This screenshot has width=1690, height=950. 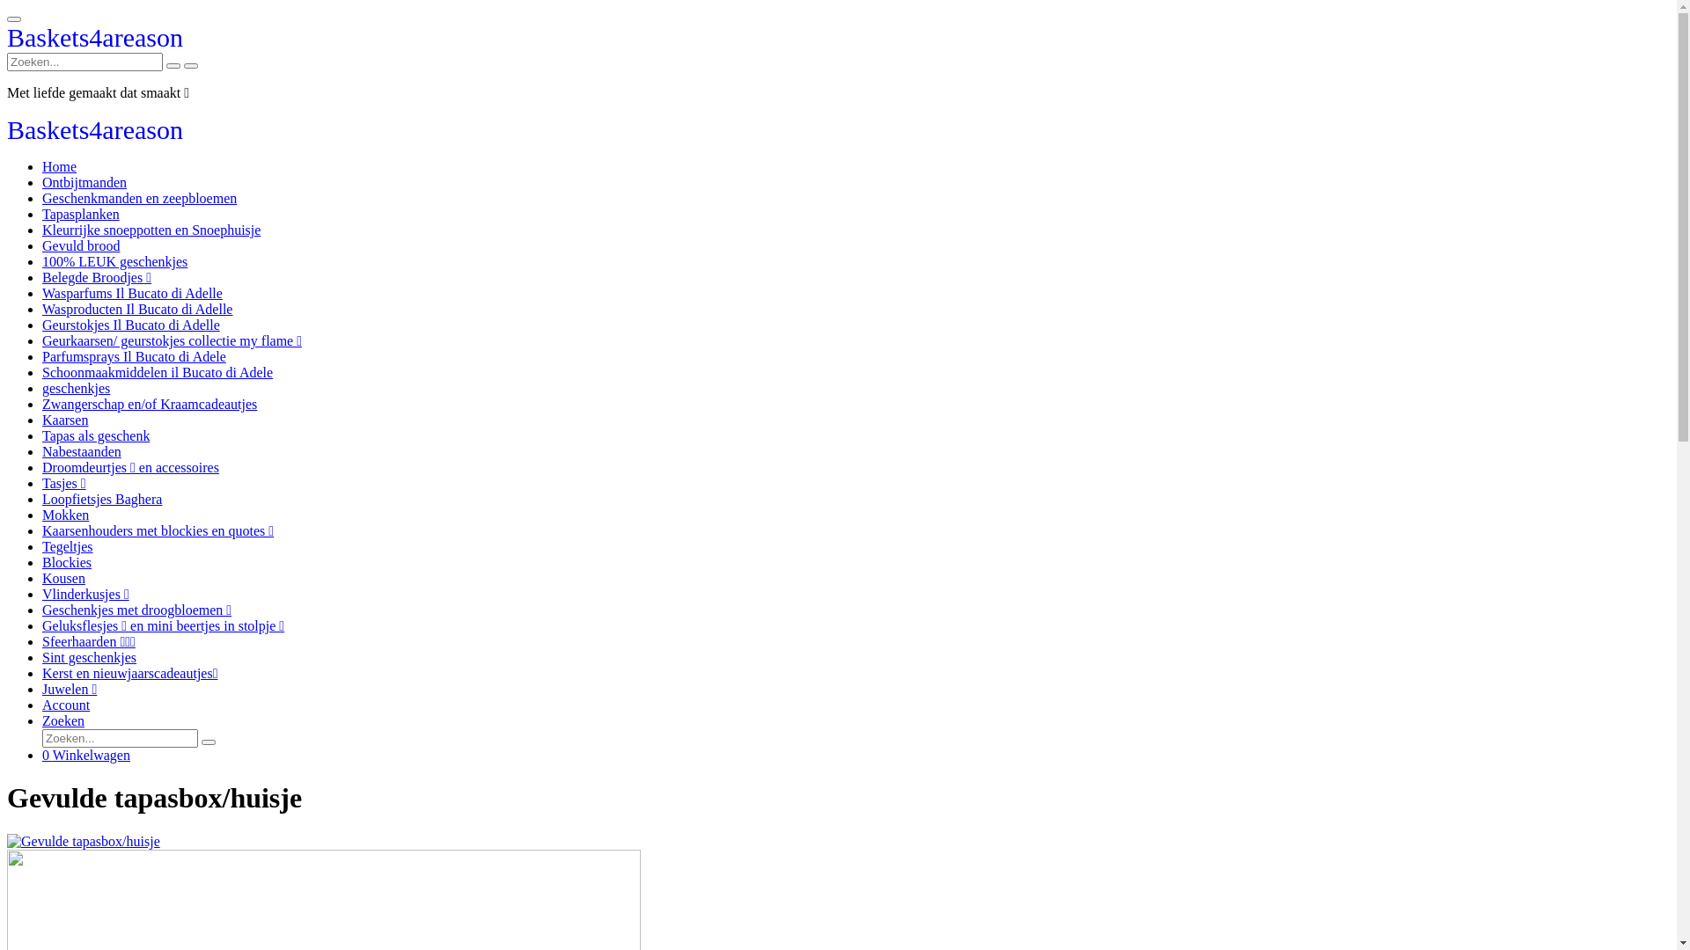 I want to click on 'Wasparfums Il Bucato di Adelle', so click(x=131, y=292).